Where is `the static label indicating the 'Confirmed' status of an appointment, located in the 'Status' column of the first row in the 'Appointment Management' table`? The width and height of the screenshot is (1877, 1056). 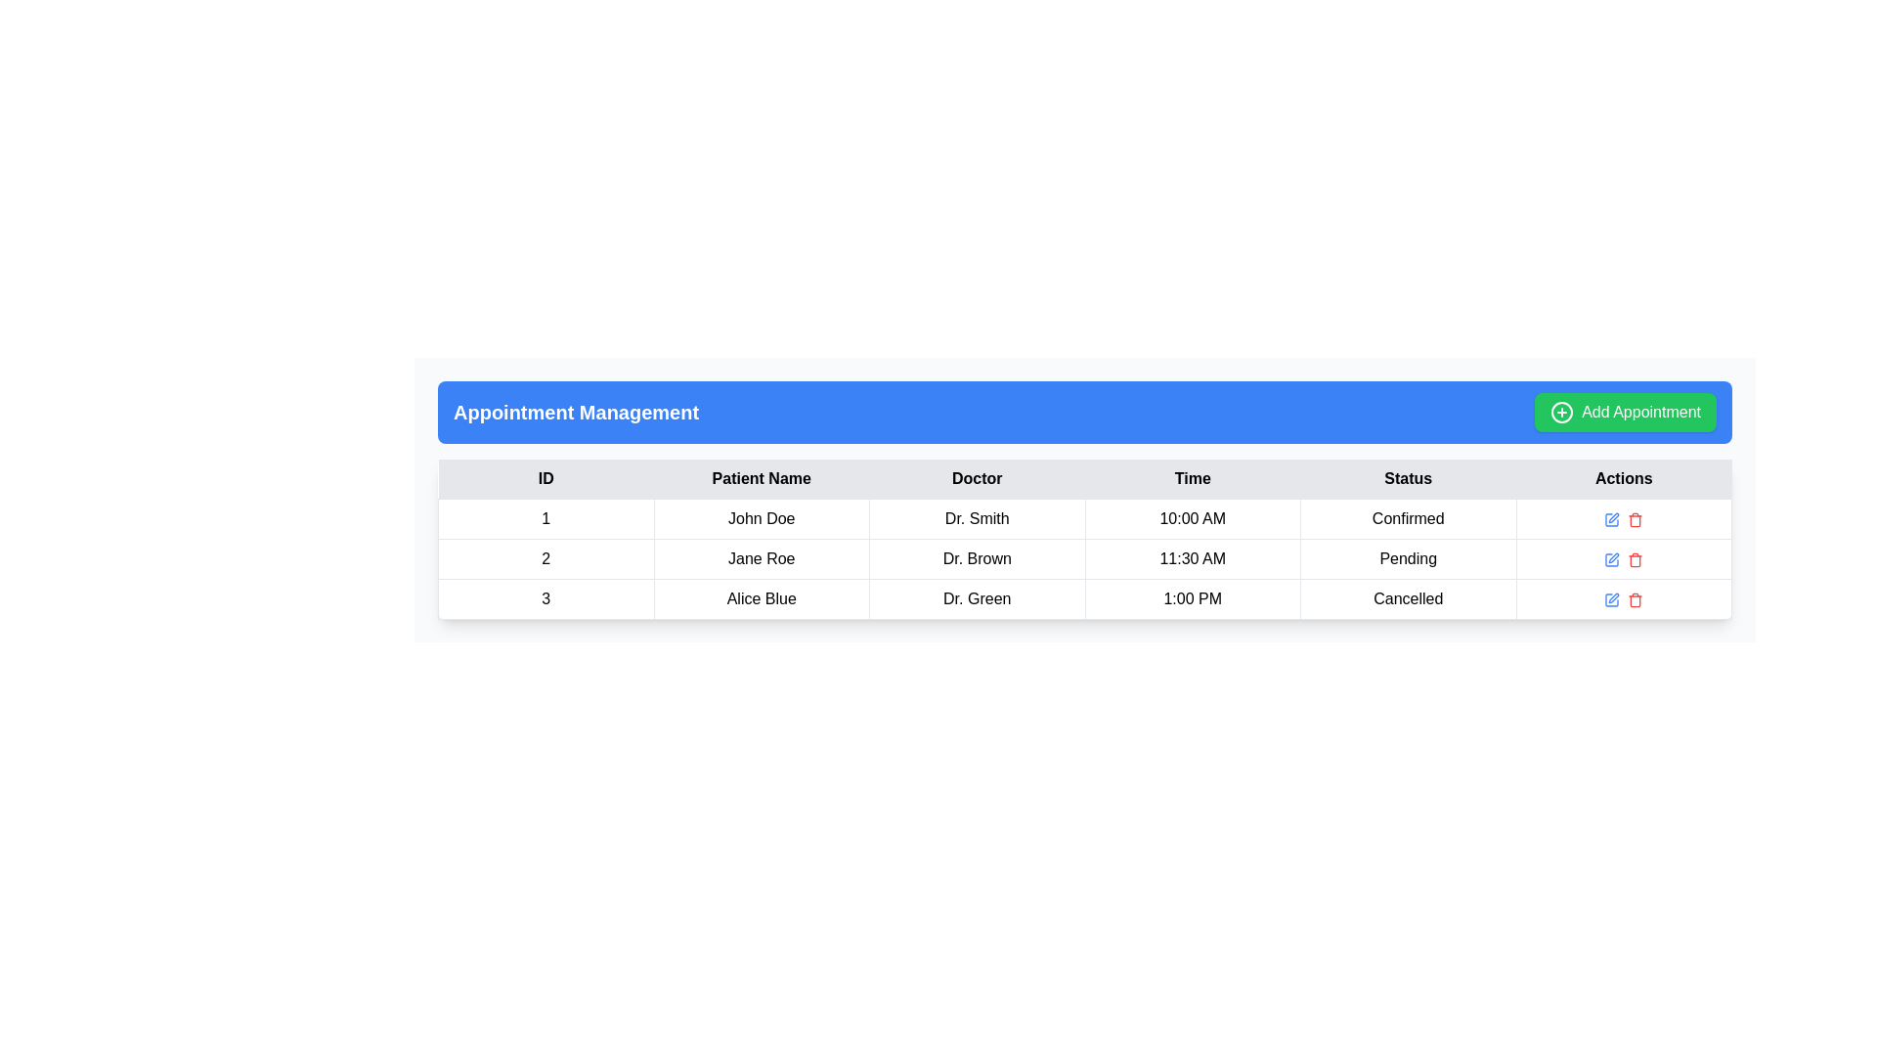
the static label indicating the 'Confirmed' status of an appointment, located in the 'Status' column of the first row in the 'Appointment Management' table is located at coordinates (1408, 518).